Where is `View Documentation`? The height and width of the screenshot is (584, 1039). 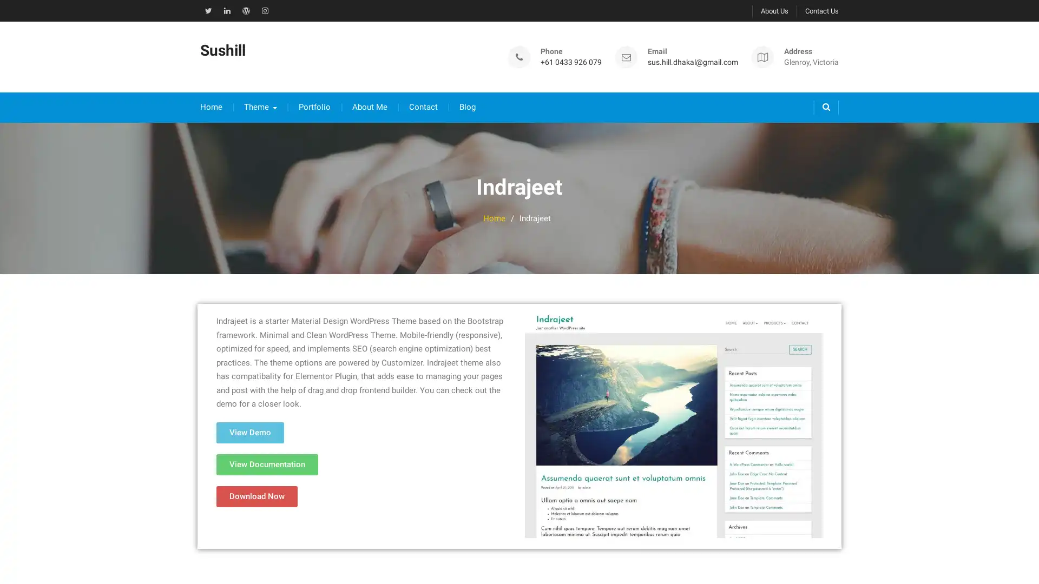
View Documentation is located at coordinates (267, 453).